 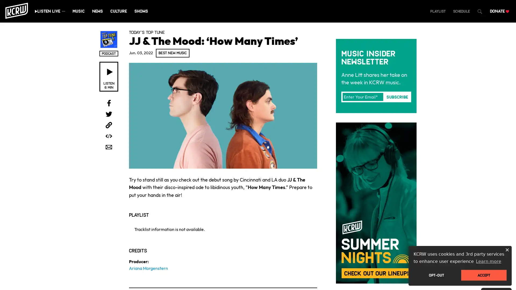 I want to click on Listen, so click(x=108, y=77).